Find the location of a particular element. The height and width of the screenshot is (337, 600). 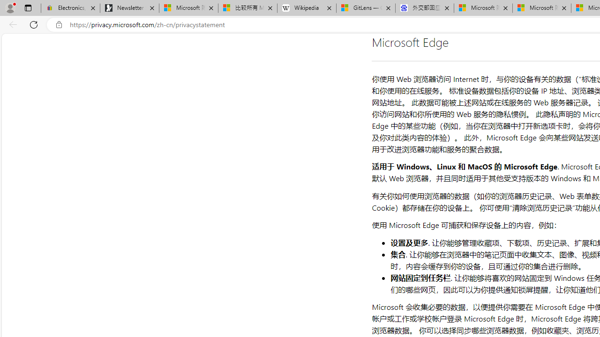

'View site information' is located at coordinates (59, 24).